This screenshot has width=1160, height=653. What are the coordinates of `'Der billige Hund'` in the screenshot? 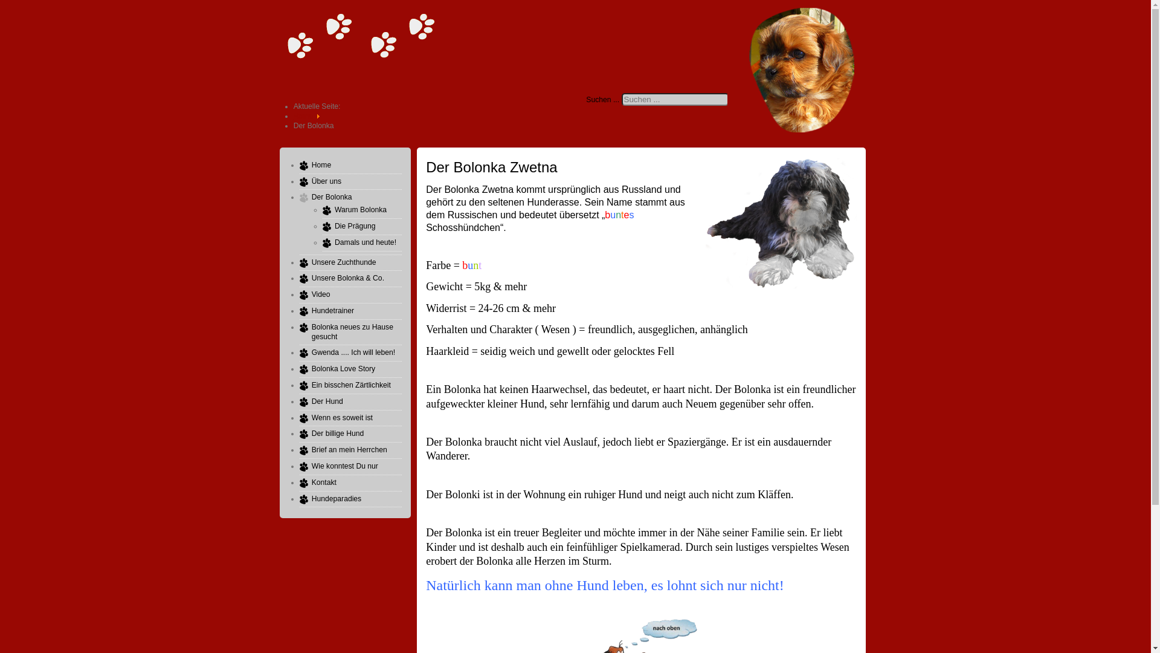 It's located at (311, 433).